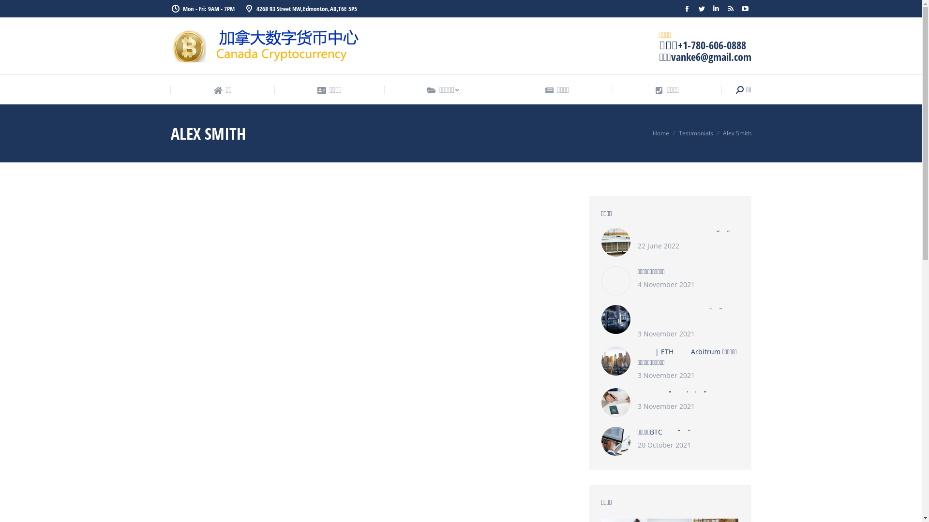 Image resolution: width=929 pixels, height=522 pixels. I want to click on 'Linkedin page opens in new window', so click(715, 9).